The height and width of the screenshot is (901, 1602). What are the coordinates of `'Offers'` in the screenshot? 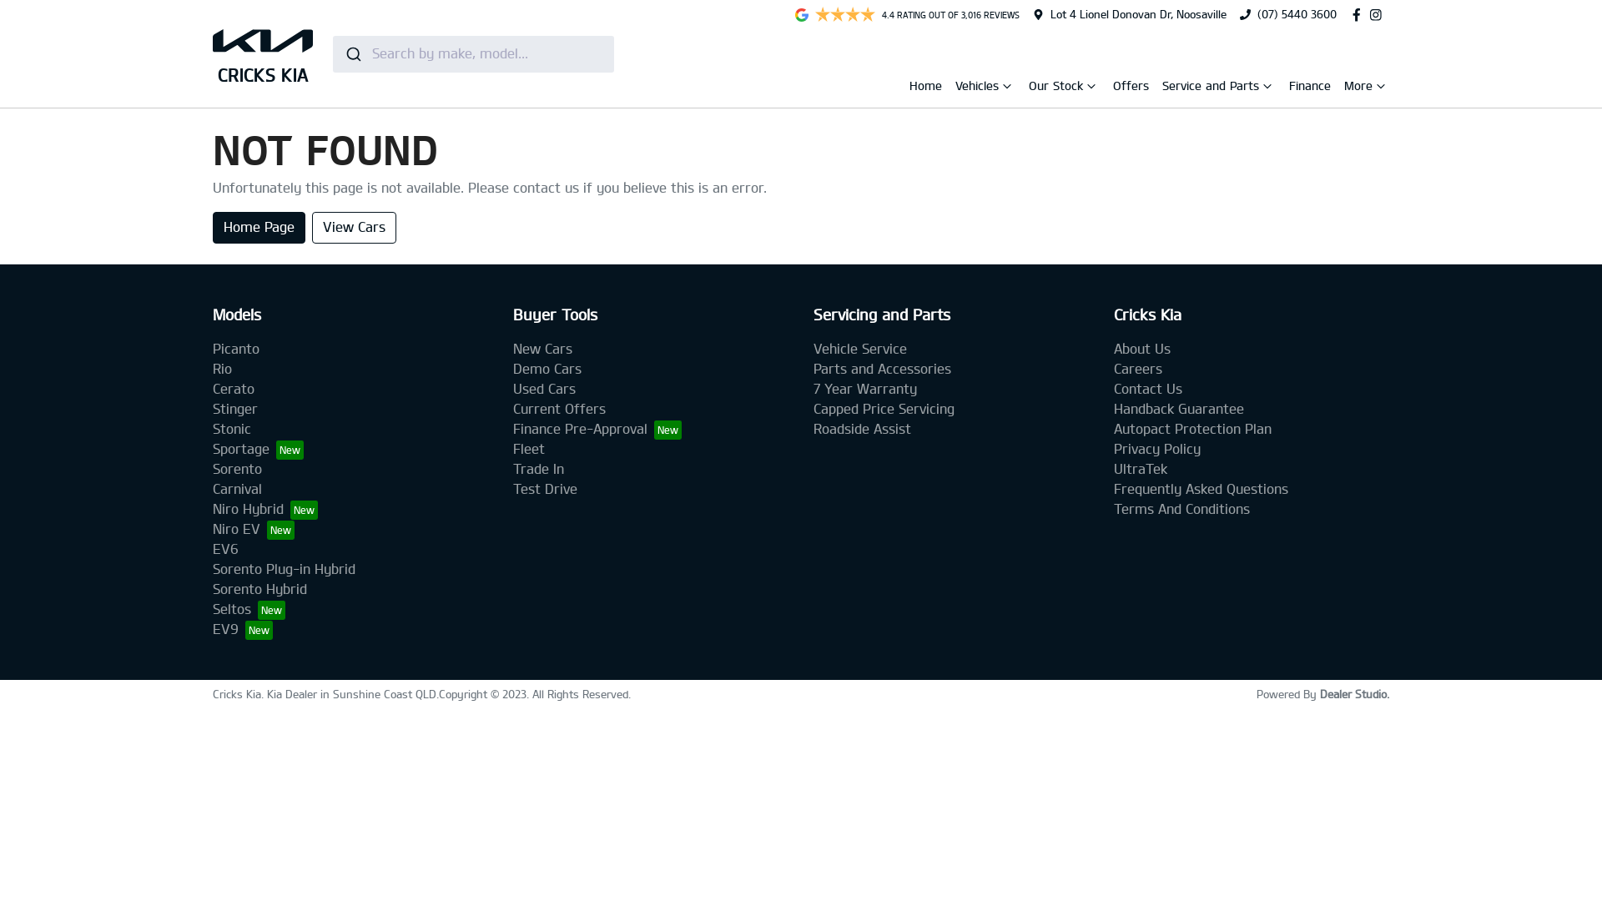 It's located at (1131, 85).